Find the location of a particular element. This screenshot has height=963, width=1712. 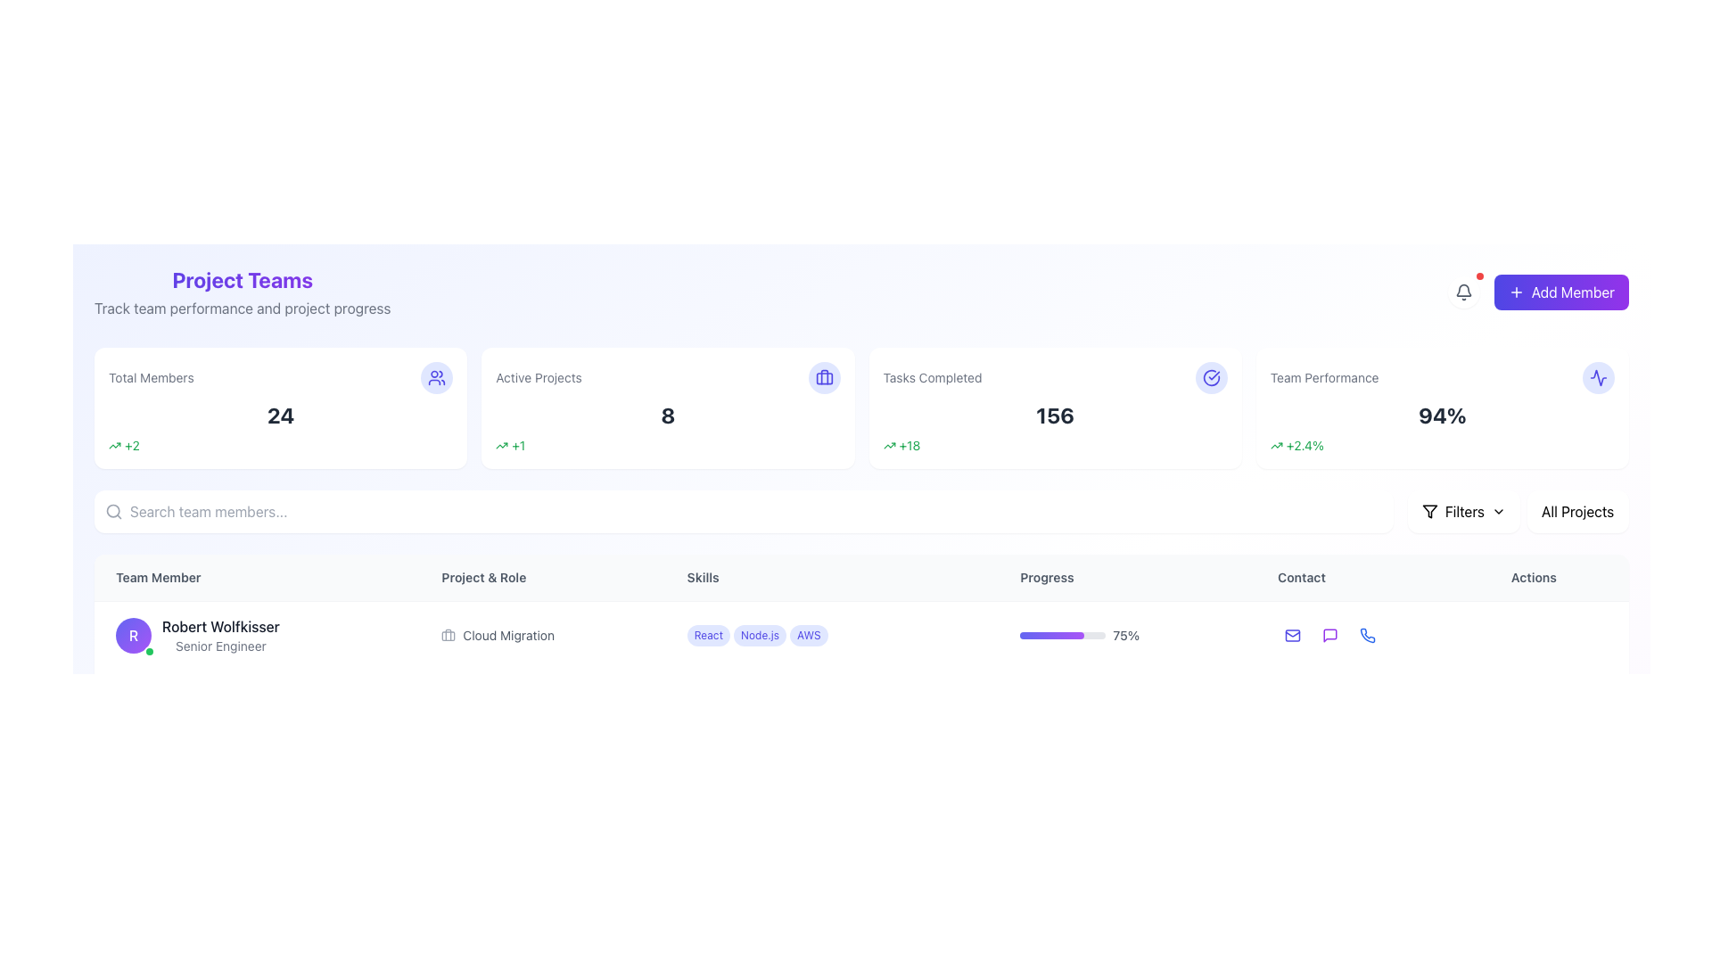

the SVG-based graphical icon component that symbolizes storage or organization, located near the top-right corner of the interface is located at coordinates (823, 377).